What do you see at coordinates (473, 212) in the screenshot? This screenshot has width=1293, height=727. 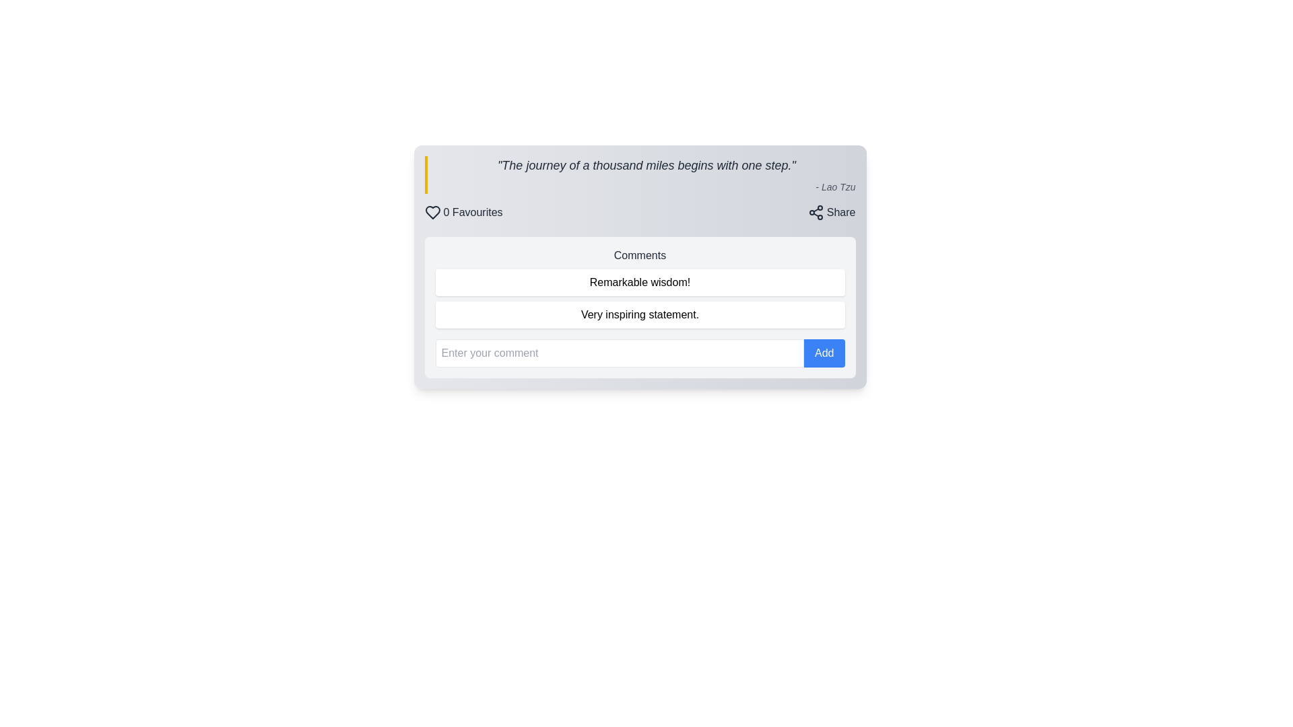 I see `the text label '0 Favourites' which is styled in dark gray and positioned next to a heart icon, located below a motivational quote in the middle-left section of the interface` at bounding box center [473, 212].